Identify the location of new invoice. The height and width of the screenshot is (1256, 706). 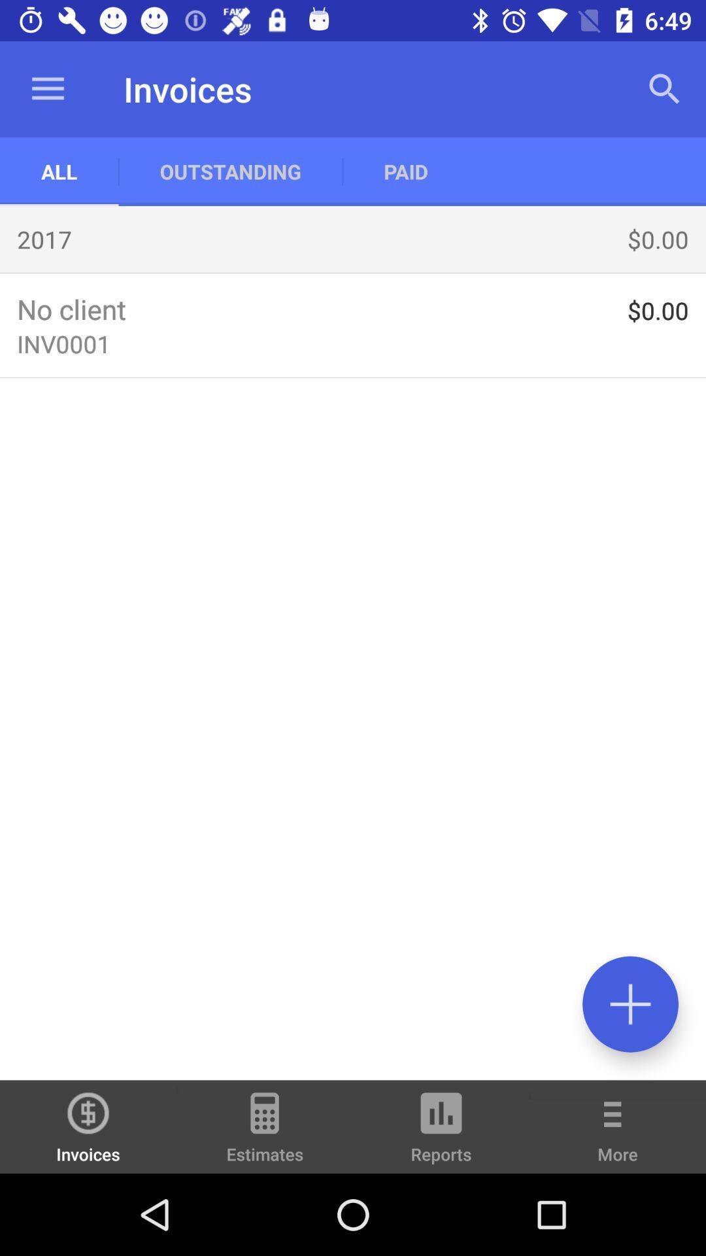
(630, 1003).